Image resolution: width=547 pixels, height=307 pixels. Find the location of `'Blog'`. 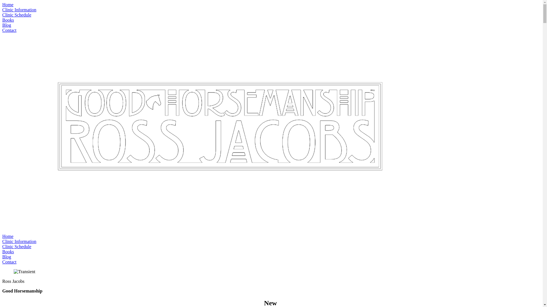

'Blog' is located at coordinates (7, 25).